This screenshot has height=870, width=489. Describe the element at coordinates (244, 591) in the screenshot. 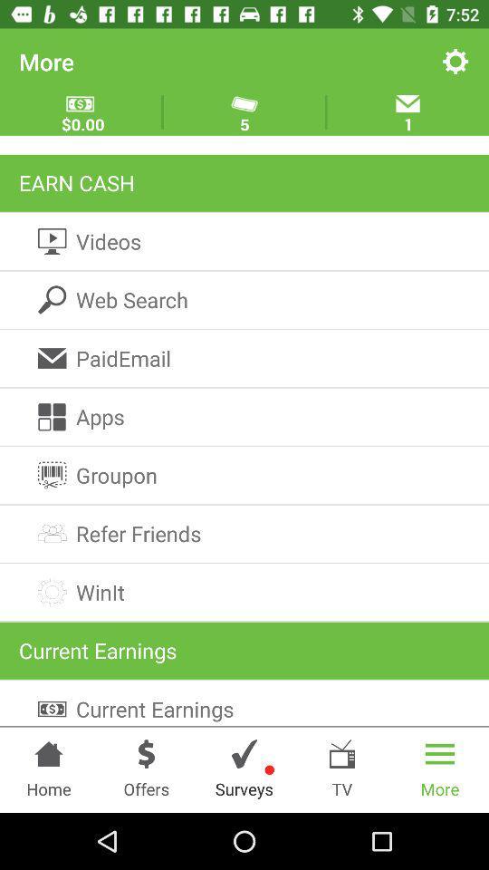

I see `item below refer friends icon` at that location.